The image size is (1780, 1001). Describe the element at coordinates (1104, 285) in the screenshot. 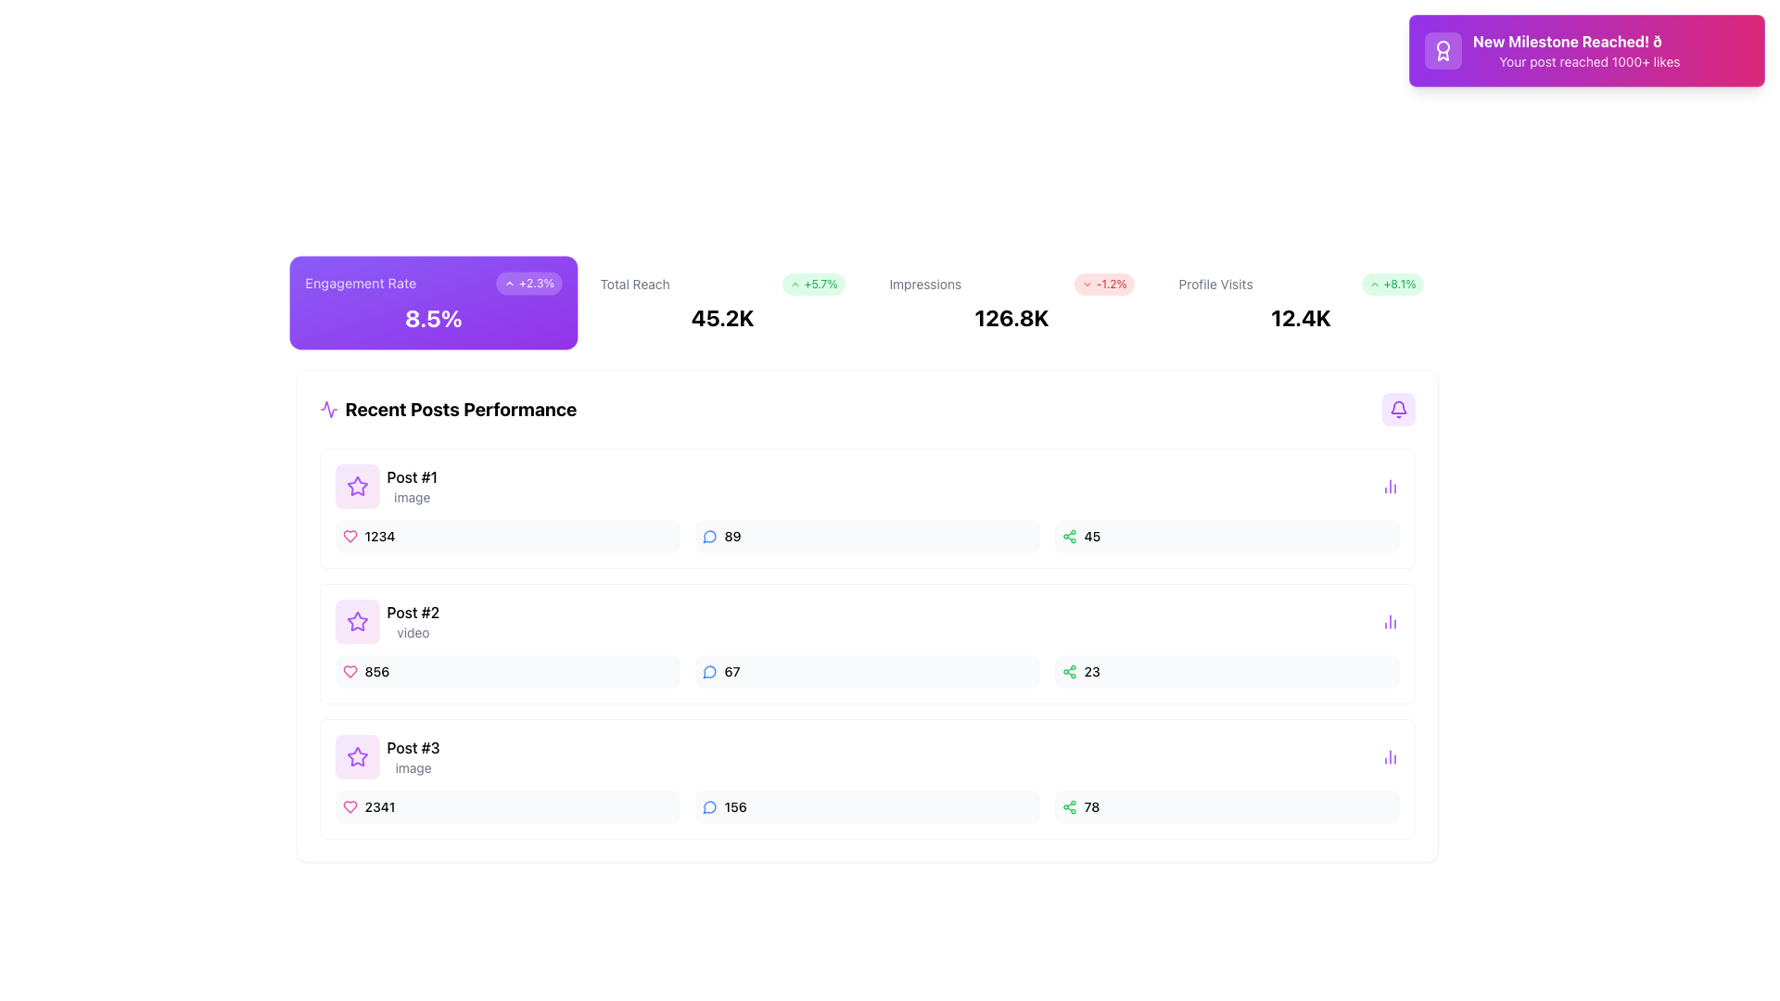

I see `the label with a red background and downward arrow icon displaying '-1.2%' that indicates a decrease, which is aligned with the 'Impressions' label` at that location.